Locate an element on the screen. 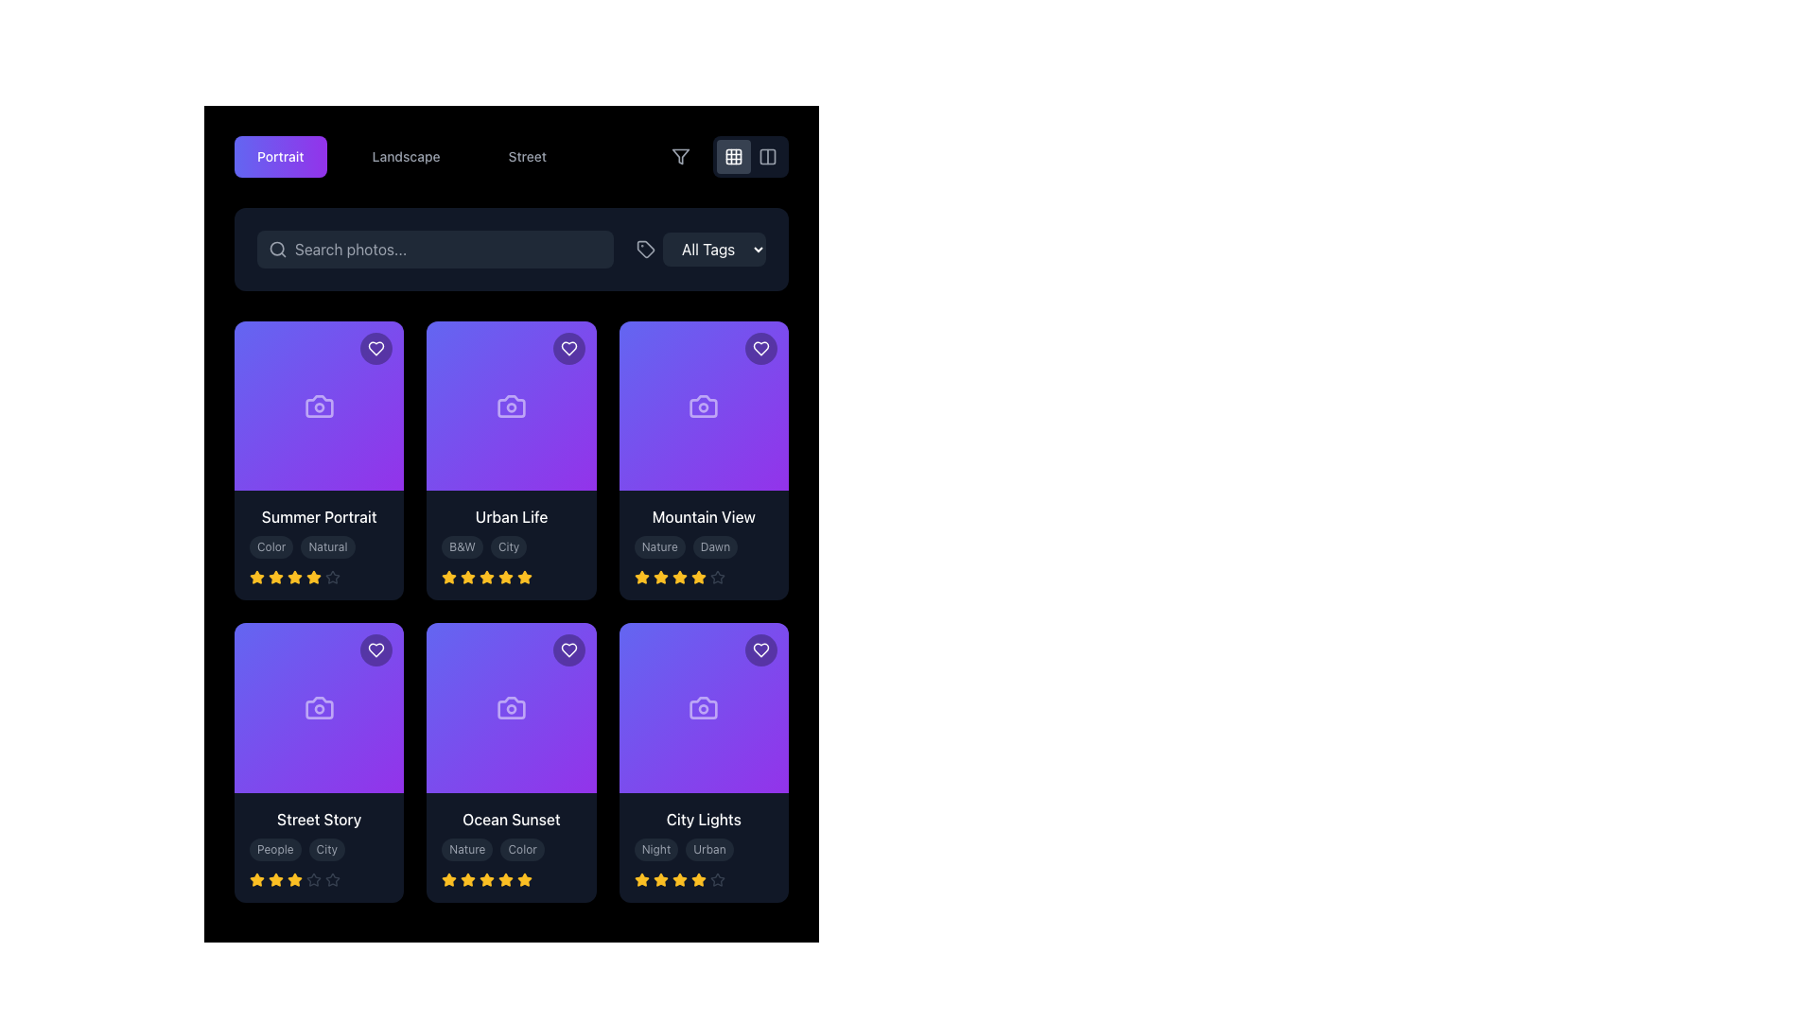 The width and height of the screenshot is (1816, 1021). the fourth star icon, which is gold-colored and filled, located below the 'City Lights' card in the rating system is located at coordinates (660, 879).